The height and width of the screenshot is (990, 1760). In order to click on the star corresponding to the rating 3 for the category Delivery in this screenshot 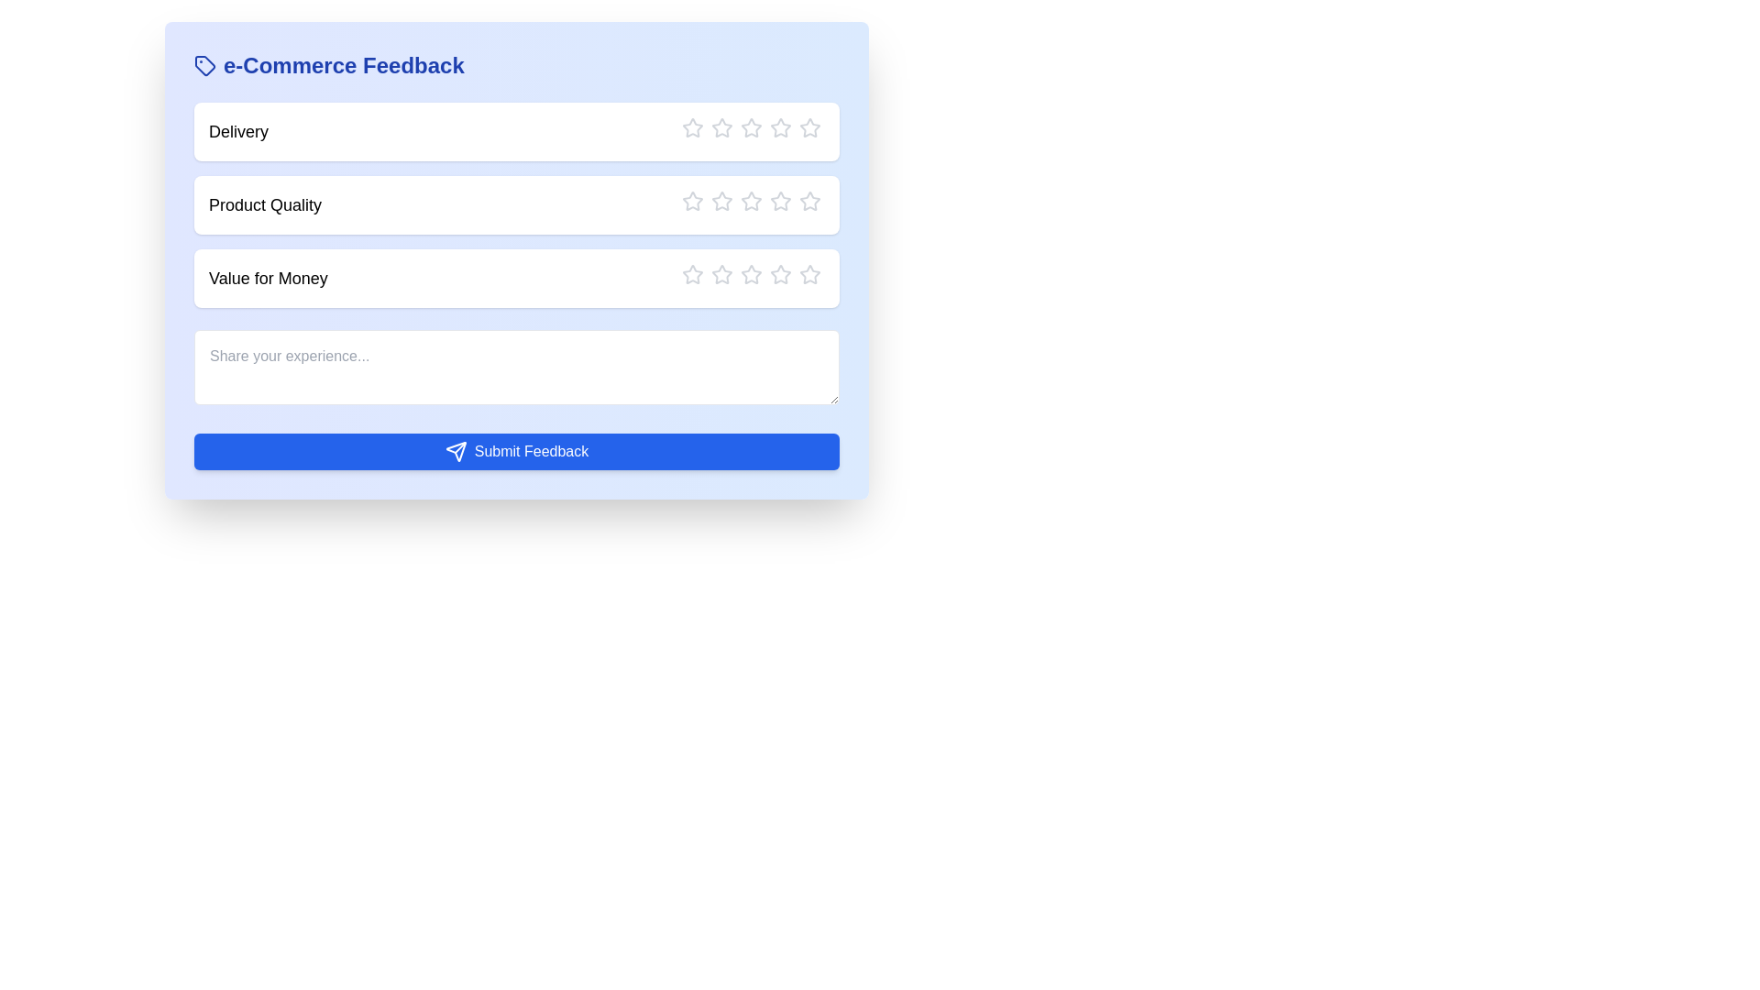, I will do `click(740, 126)`.